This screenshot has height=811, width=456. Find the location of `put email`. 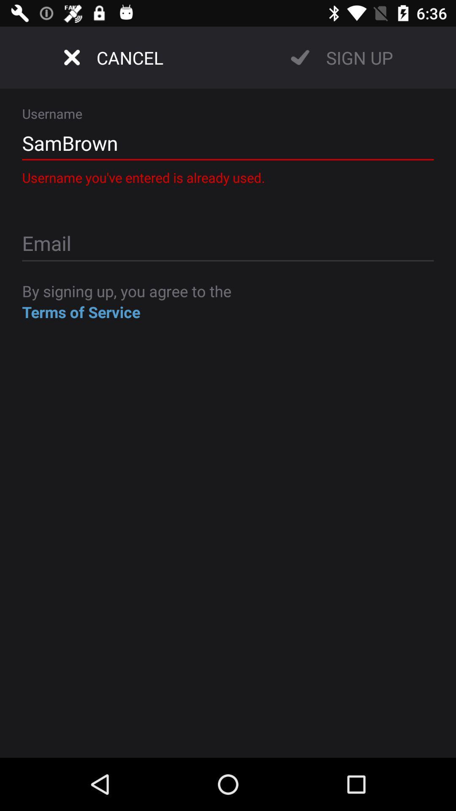

put email is located at coordinates (228, 244).